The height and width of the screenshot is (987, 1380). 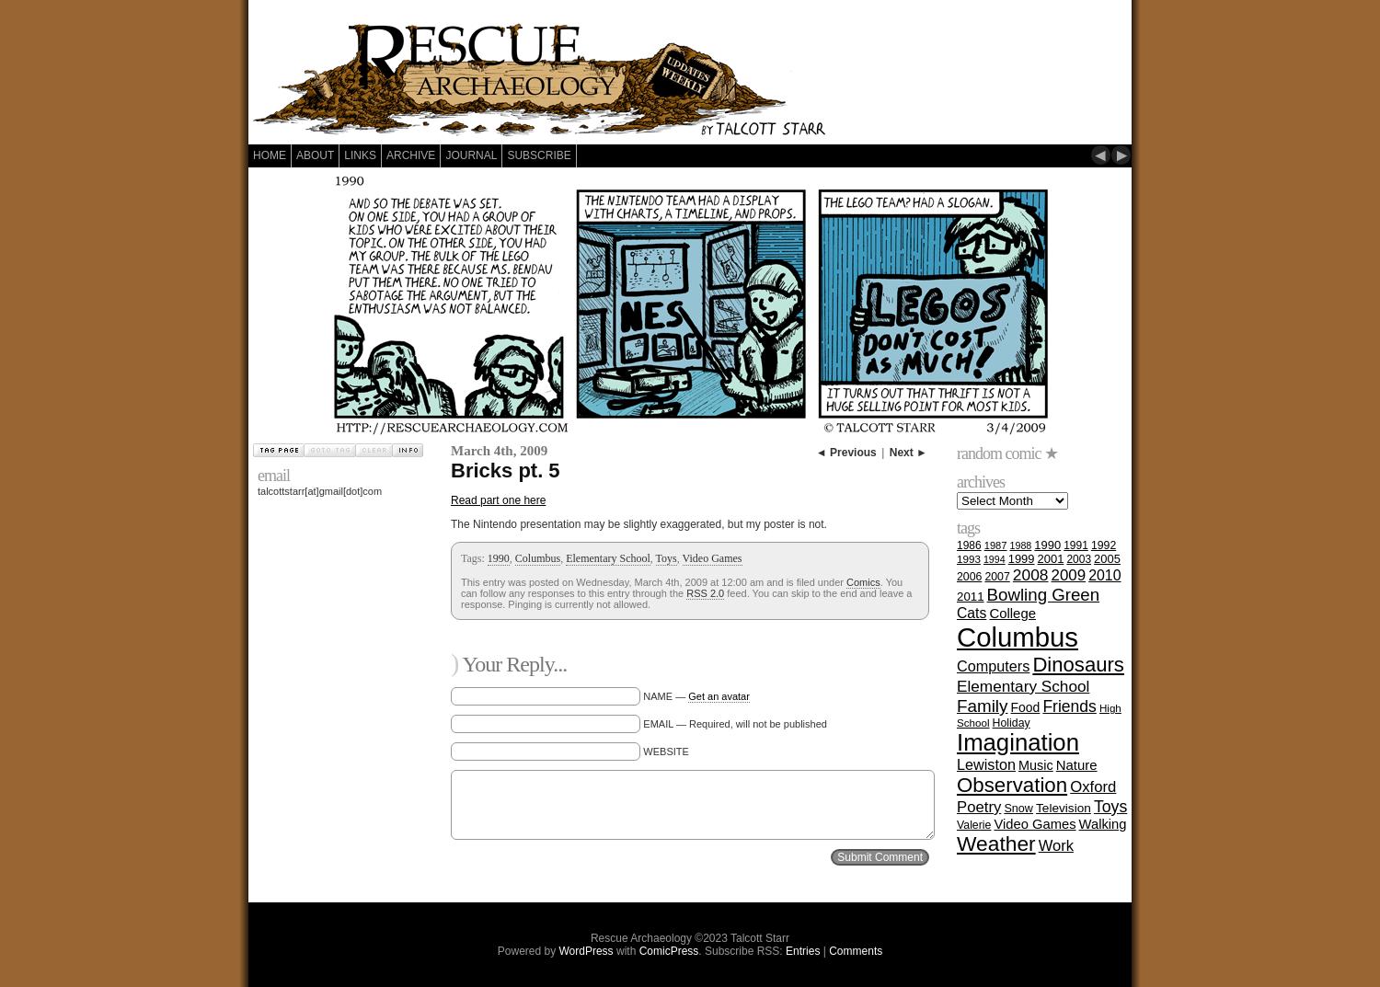 What do you see at coordinates (473, 557) in the screenshot?
I see `'Tags:'` at bounding box center [473, 557].